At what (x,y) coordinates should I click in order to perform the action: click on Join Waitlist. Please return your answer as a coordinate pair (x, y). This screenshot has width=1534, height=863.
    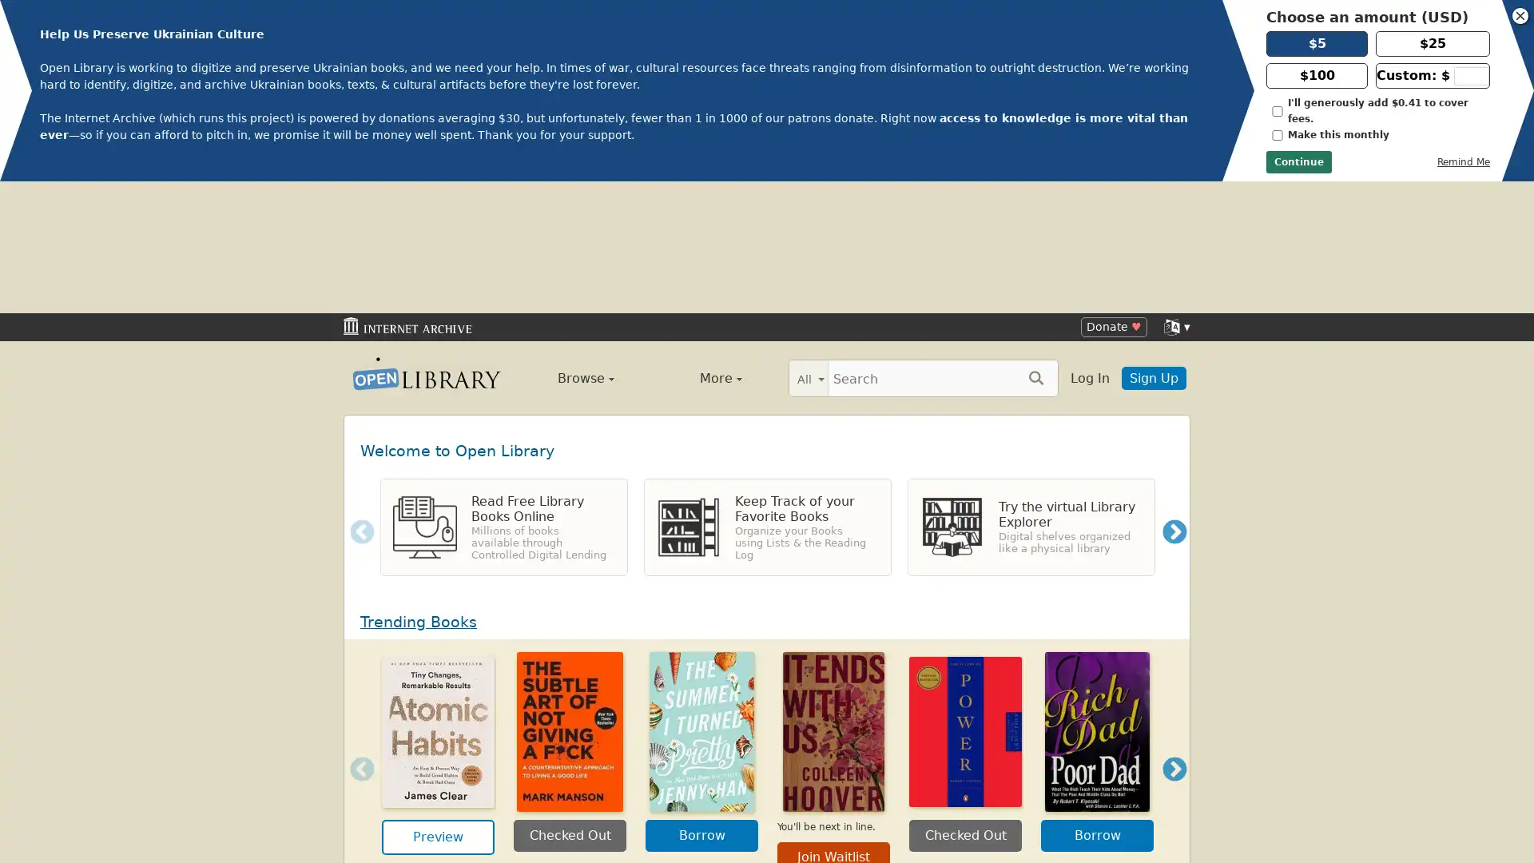
    Looking at the image, I should click on (833, 725).